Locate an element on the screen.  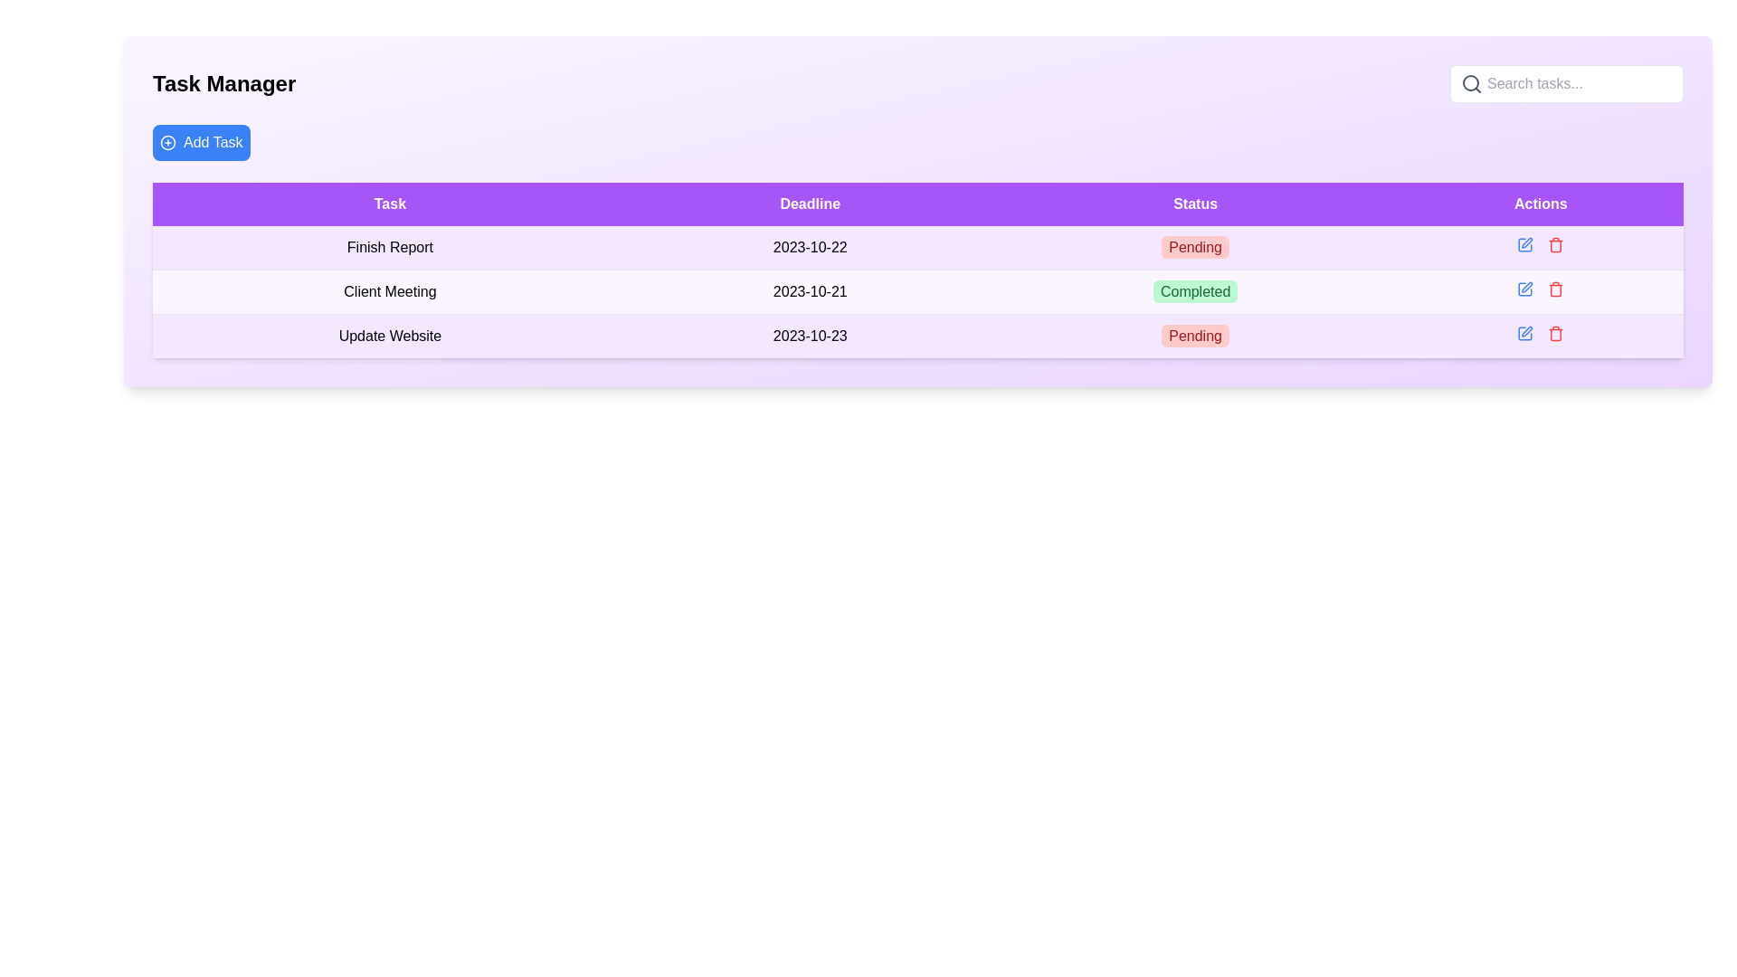
the column header Label indicating tasks, which is the first item in a horizontal row including 'Deadline', 'Status', and 'Actions' is located at coordinates (389, 204).